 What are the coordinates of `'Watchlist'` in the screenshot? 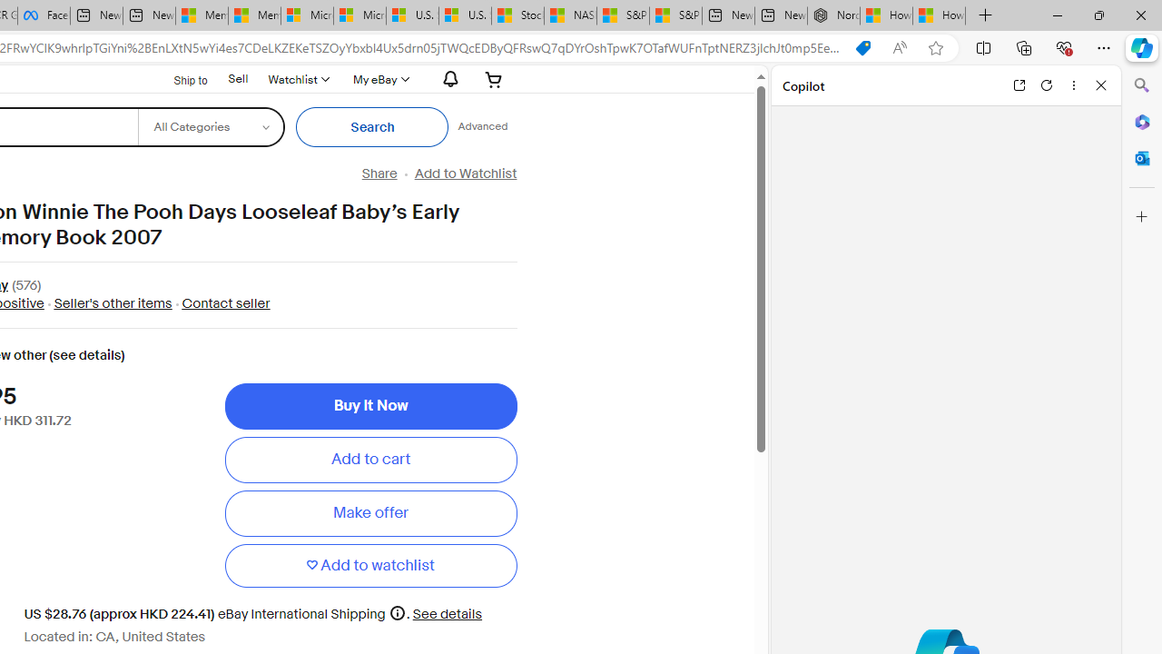 It's located at (298, 78).